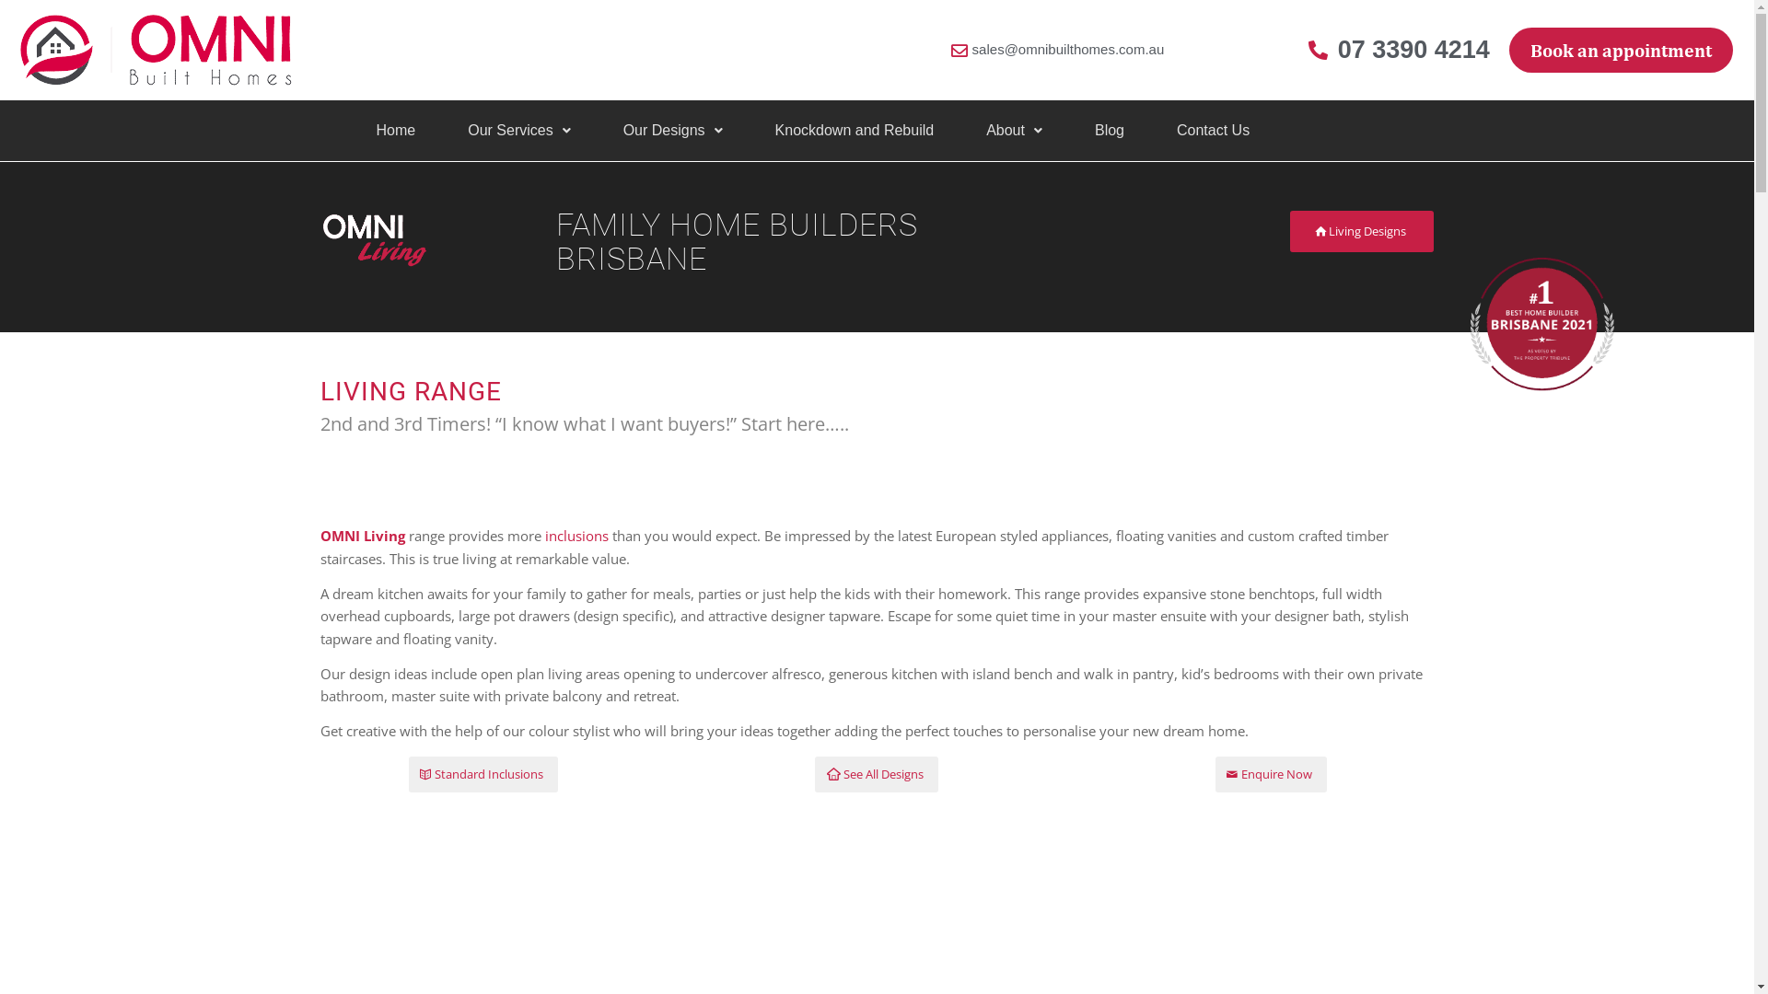 The height and width of the screenshot is (994, 1768). Describe the element at coordinates (1621, 49) in the screenshot. I see `'Book an appointment'` at that location.